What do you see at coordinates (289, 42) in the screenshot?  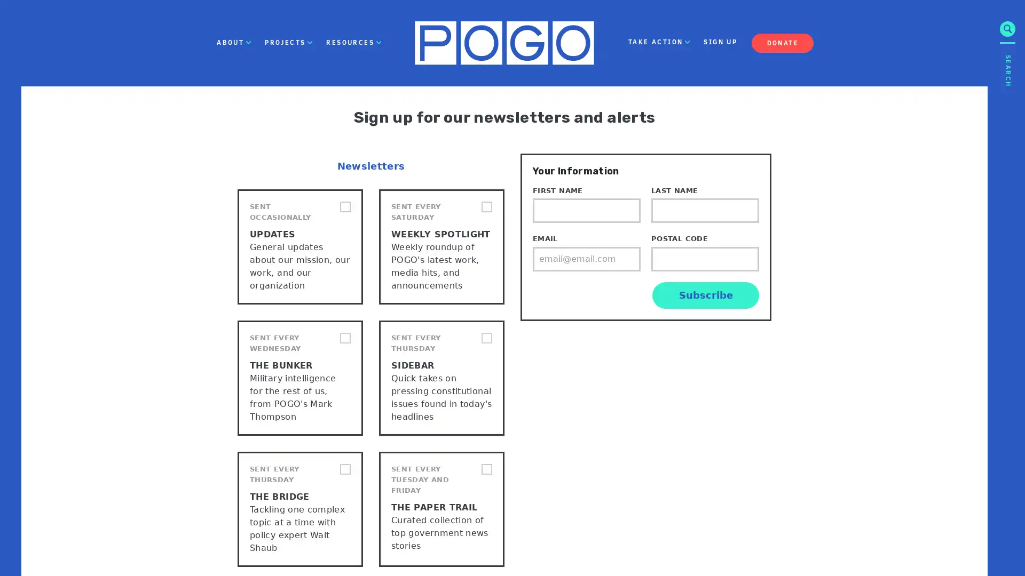 I see `PROJECTS` at bounding box center [289, 42].